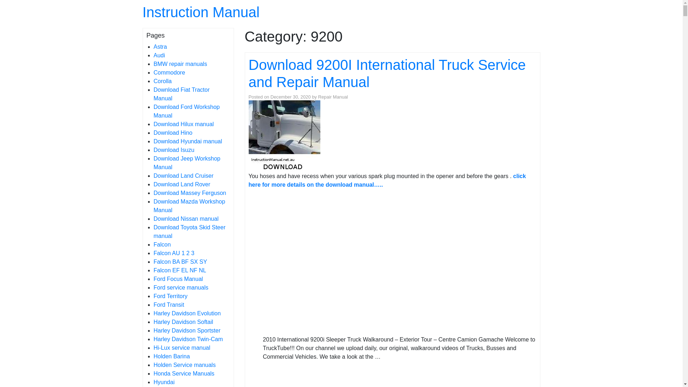  Describe the element at coordinates (178, 278) in the screenshot. I see `'Ford Focus Manual'` at that location.